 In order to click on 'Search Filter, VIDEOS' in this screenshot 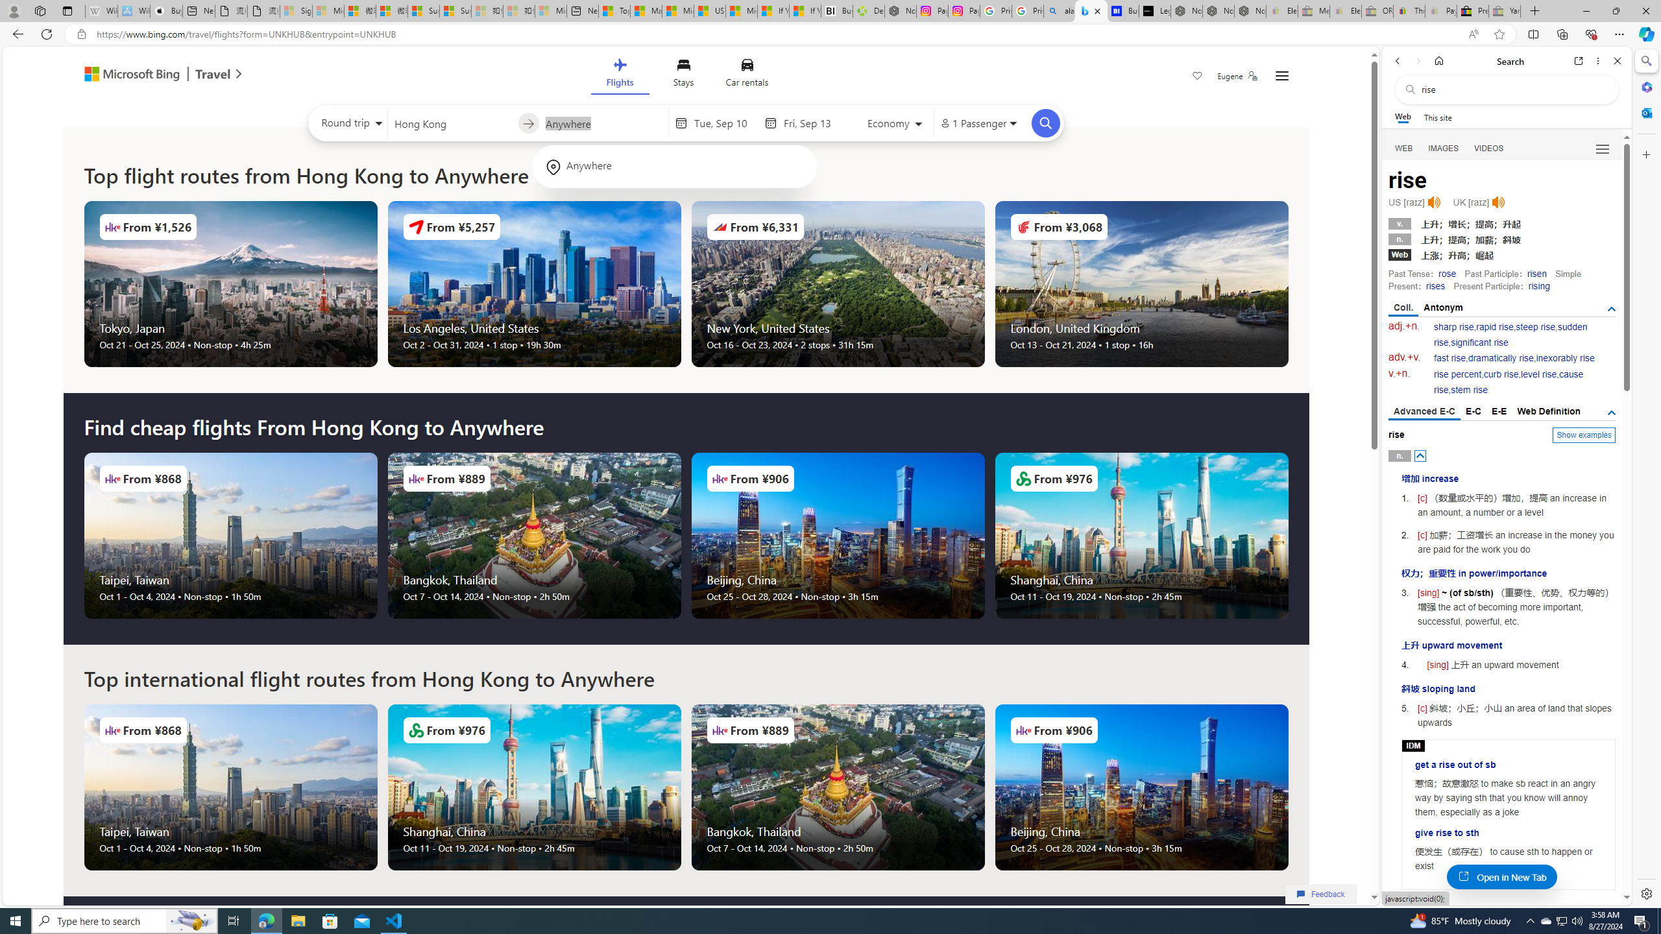, I will do `click(1489, 147)`.